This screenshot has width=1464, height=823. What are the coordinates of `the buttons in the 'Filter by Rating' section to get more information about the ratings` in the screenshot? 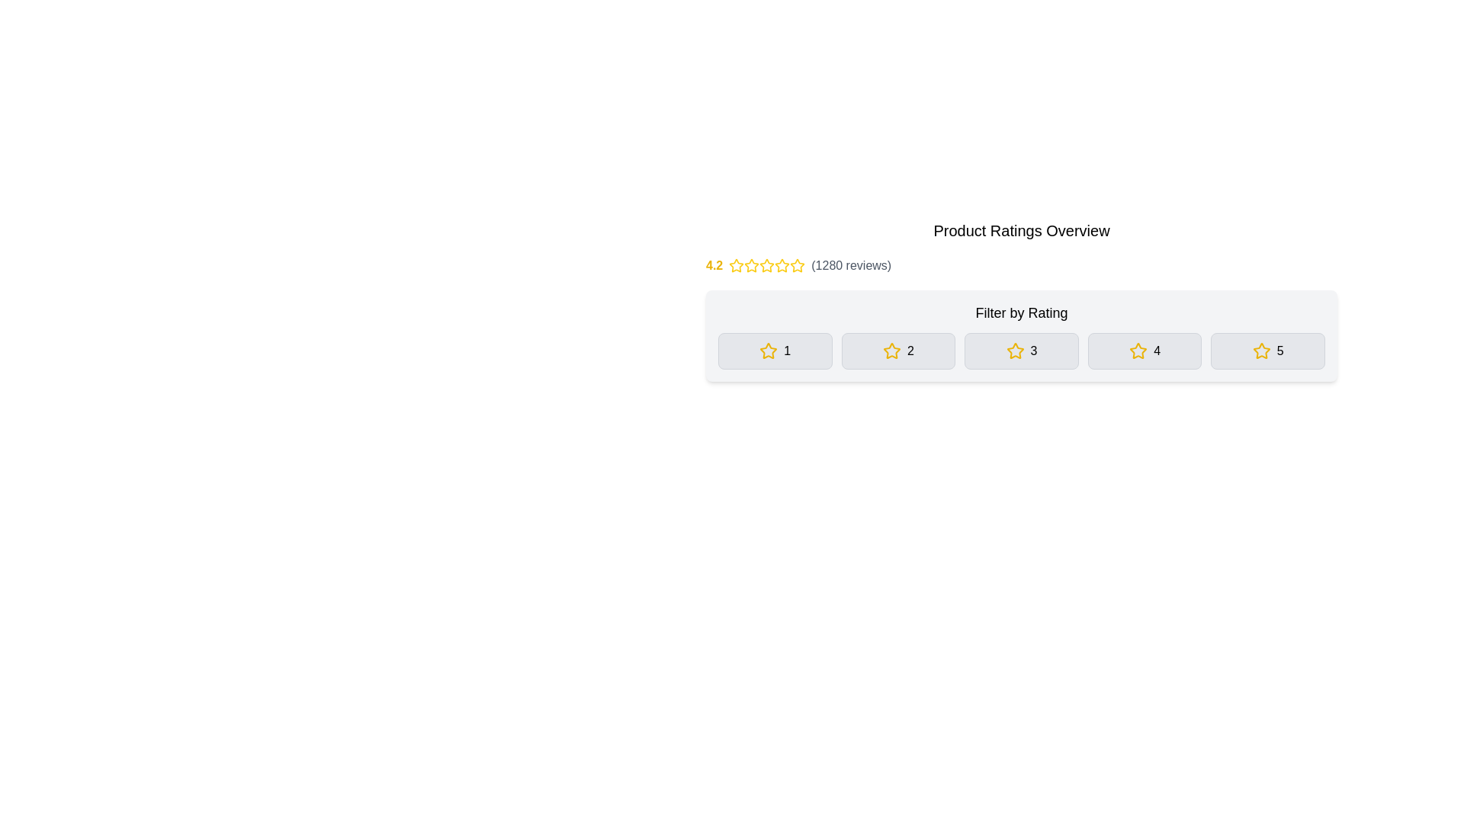 It's located at (1021, 335).